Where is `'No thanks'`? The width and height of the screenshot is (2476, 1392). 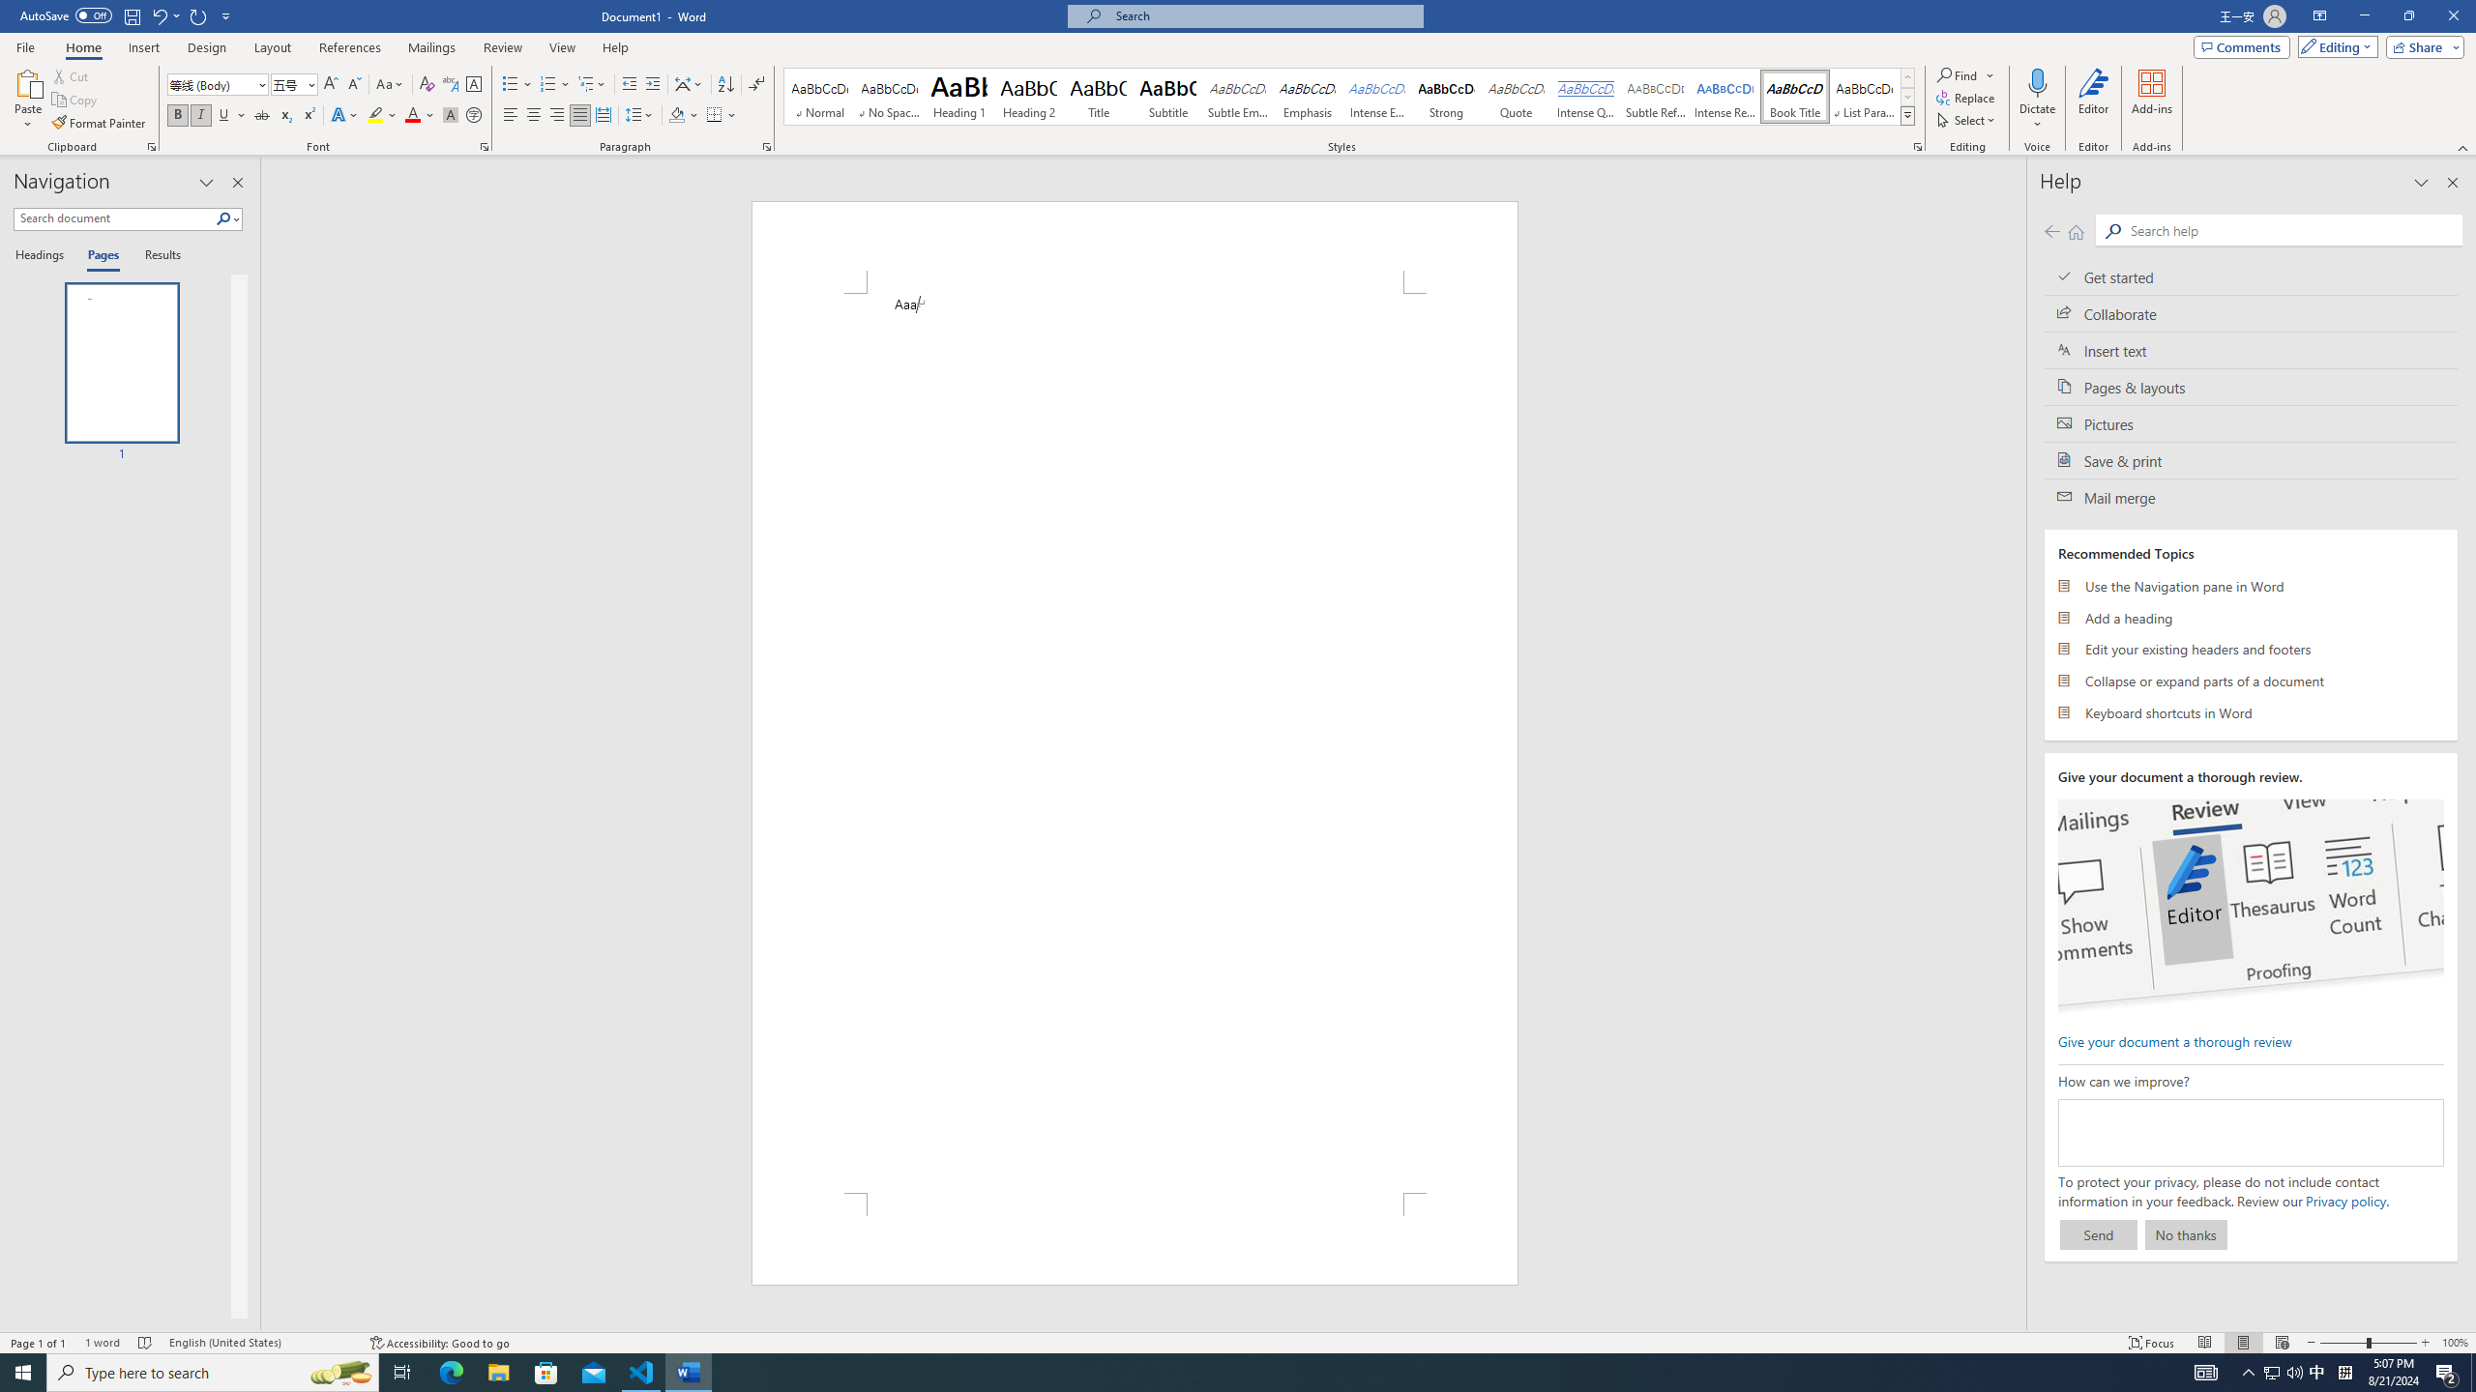
'No thanks' is located at coordinates (2185, 1233).